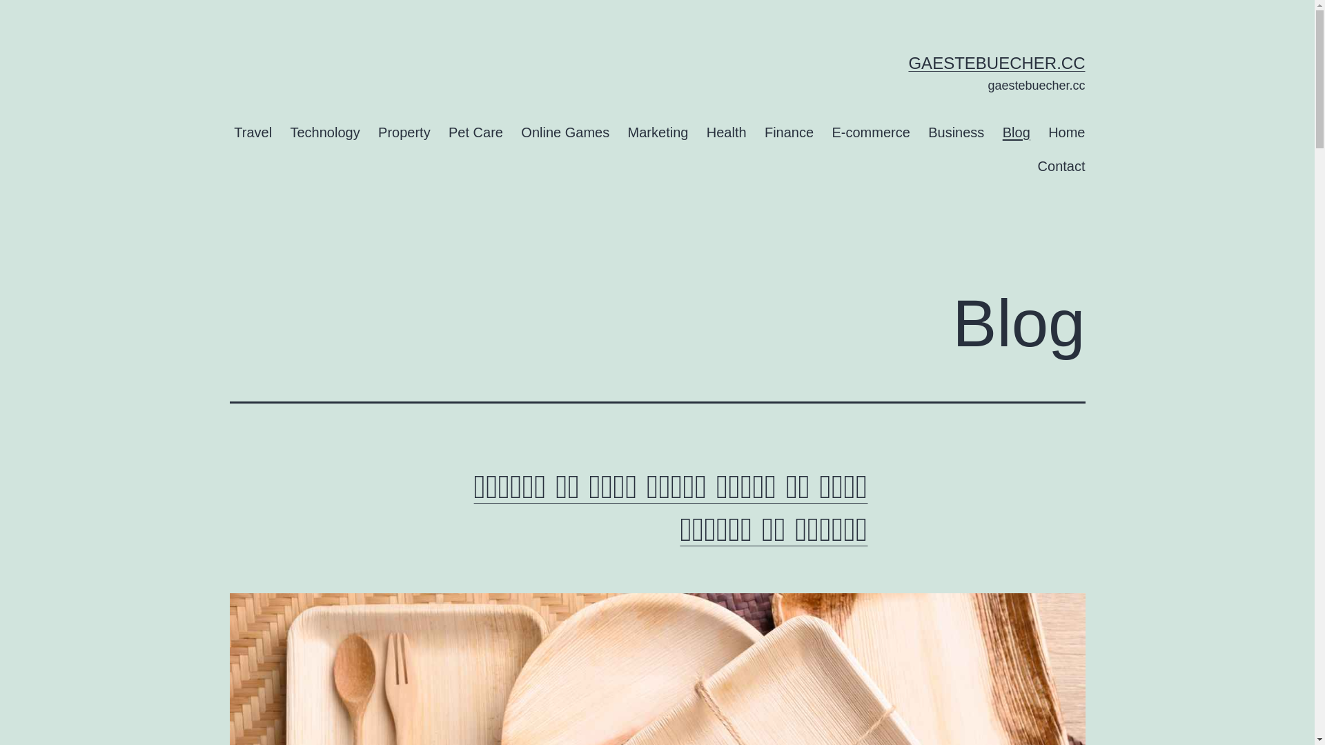  Describe the element at coordinates (725, 132) in the screenshot. I see `'Health'` at that location.